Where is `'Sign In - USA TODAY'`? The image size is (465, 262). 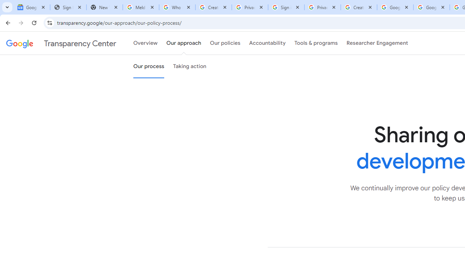 'Sign In - USA TODAY' is located at coordinates (68, 7).